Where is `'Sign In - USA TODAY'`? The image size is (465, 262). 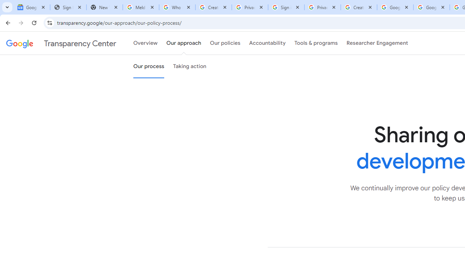 'Sign In - USA TODAY' is located at coordinates (68, 7).